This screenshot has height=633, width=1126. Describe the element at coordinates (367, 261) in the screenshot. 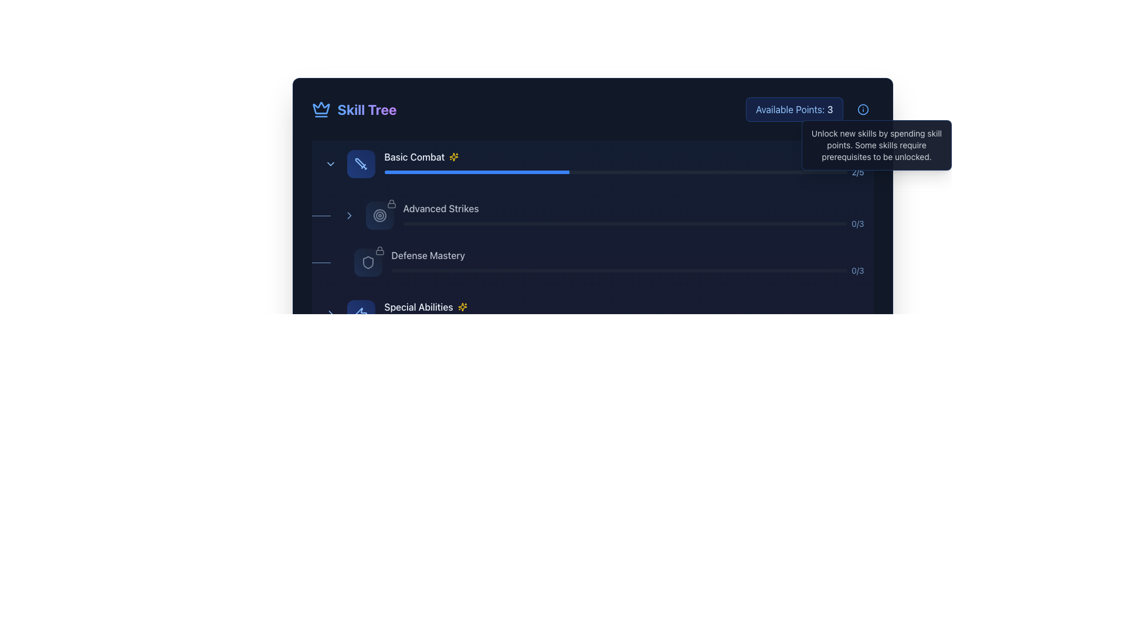

I see `the 'Defense Mastery' skill icon, which is the leftmost item in the Defense Mastery row of the skill tree interface, indicating its locked status` at that location.